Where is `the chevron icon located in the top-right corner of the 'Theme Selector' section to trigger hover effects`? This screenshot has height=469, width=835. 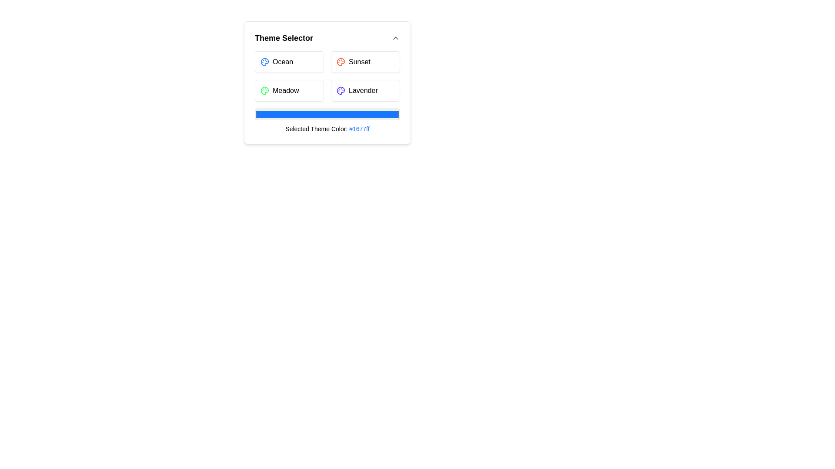
the chevron icon located in the top-right corner of the 'Theme Selector' section to trigger hover effects is located at coordinates (395, 38).